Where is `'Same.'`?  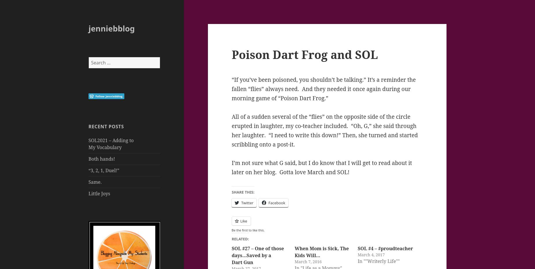
'Same.' is located at coordinates (95, 182).